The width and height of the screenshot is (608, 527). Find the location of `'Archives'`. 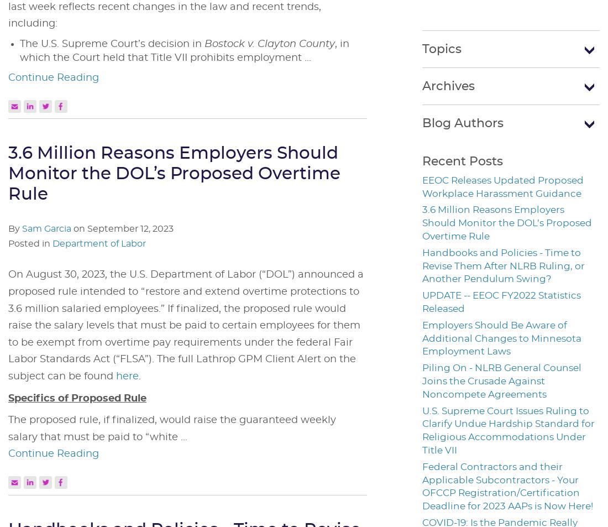

'Archives' is located at coordinates (422, 85).